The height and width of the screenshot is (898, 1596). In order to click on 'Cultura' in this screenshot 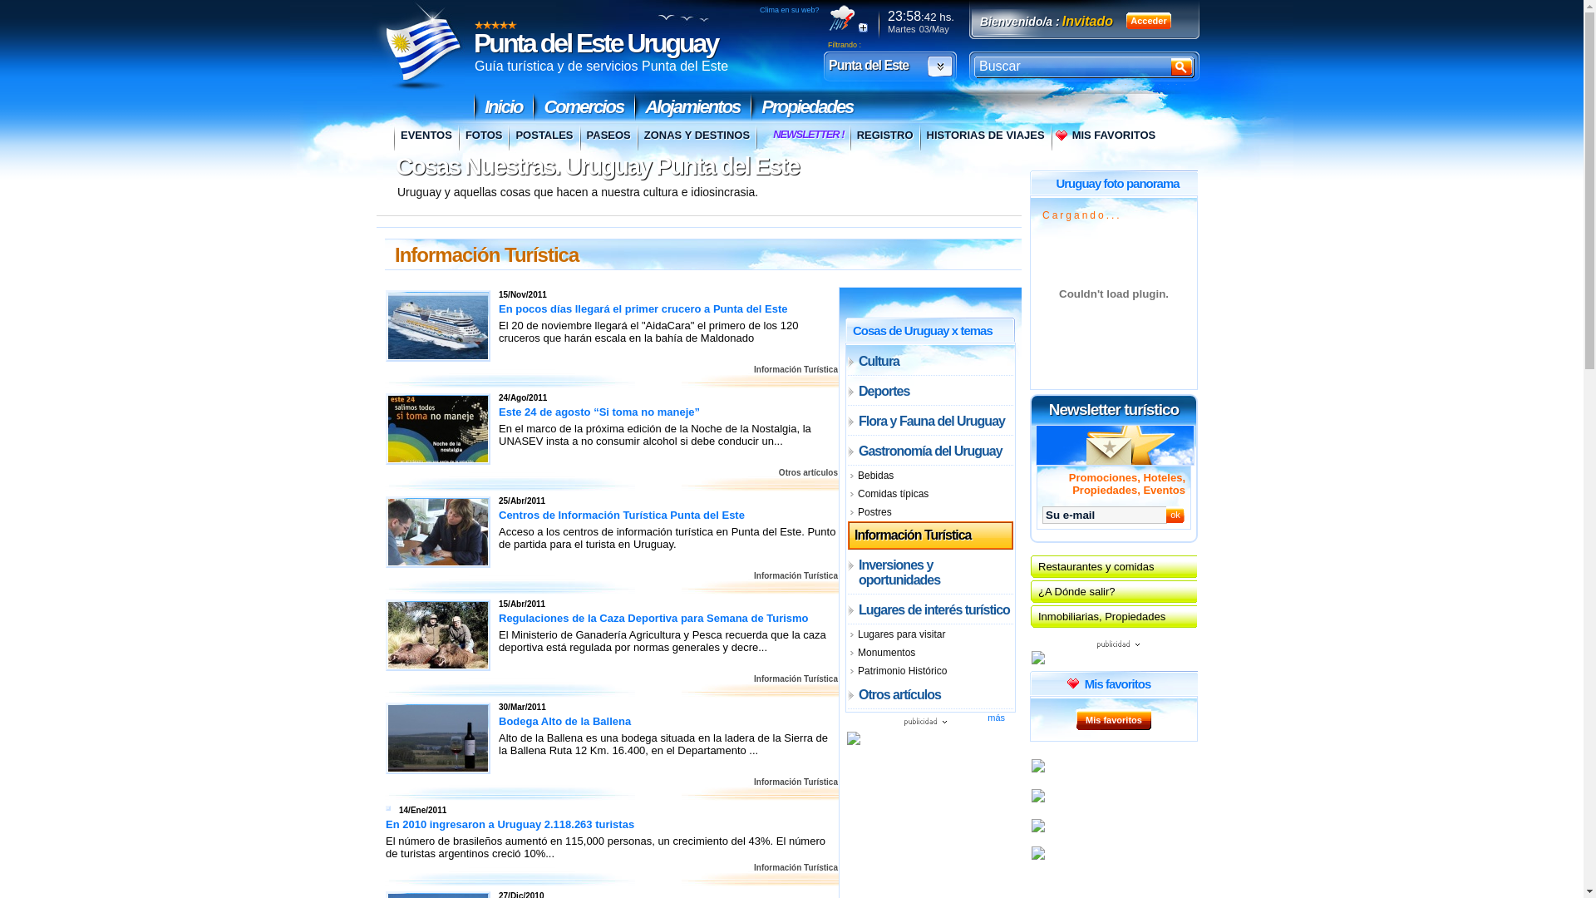, I will do `click(929, 360)`.